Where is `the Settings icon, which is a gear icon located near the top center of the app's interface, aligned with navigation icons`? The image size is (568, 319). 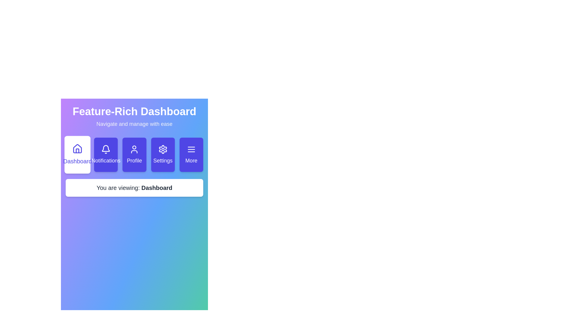
the Settings icon, which is a gear icon located near the top center of the app's interface, aligned with navigation icons is located at coordinates (163, 149).